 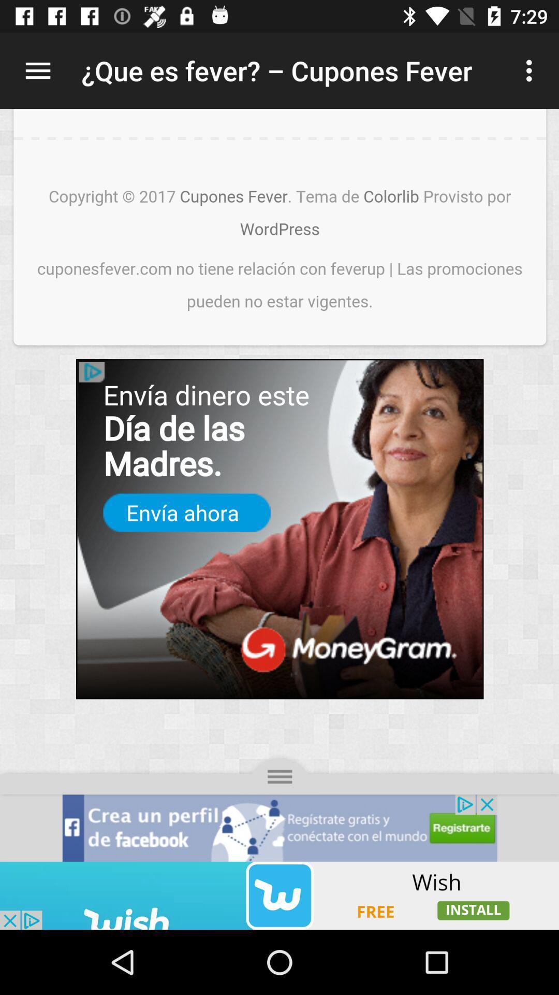 What do you see at coordinates (279, 895) in the screenshot?
I see `advertising` at bounding box center [279, 895].